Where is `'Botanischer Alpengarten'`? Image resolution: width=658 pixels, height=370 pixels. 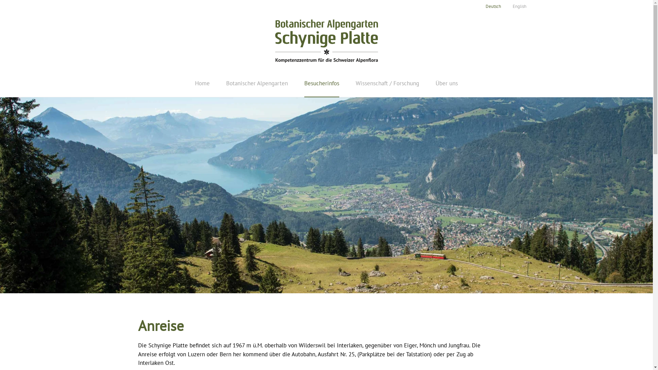 'Botanischer Alpengarten' is located at coordinates (256, 83).